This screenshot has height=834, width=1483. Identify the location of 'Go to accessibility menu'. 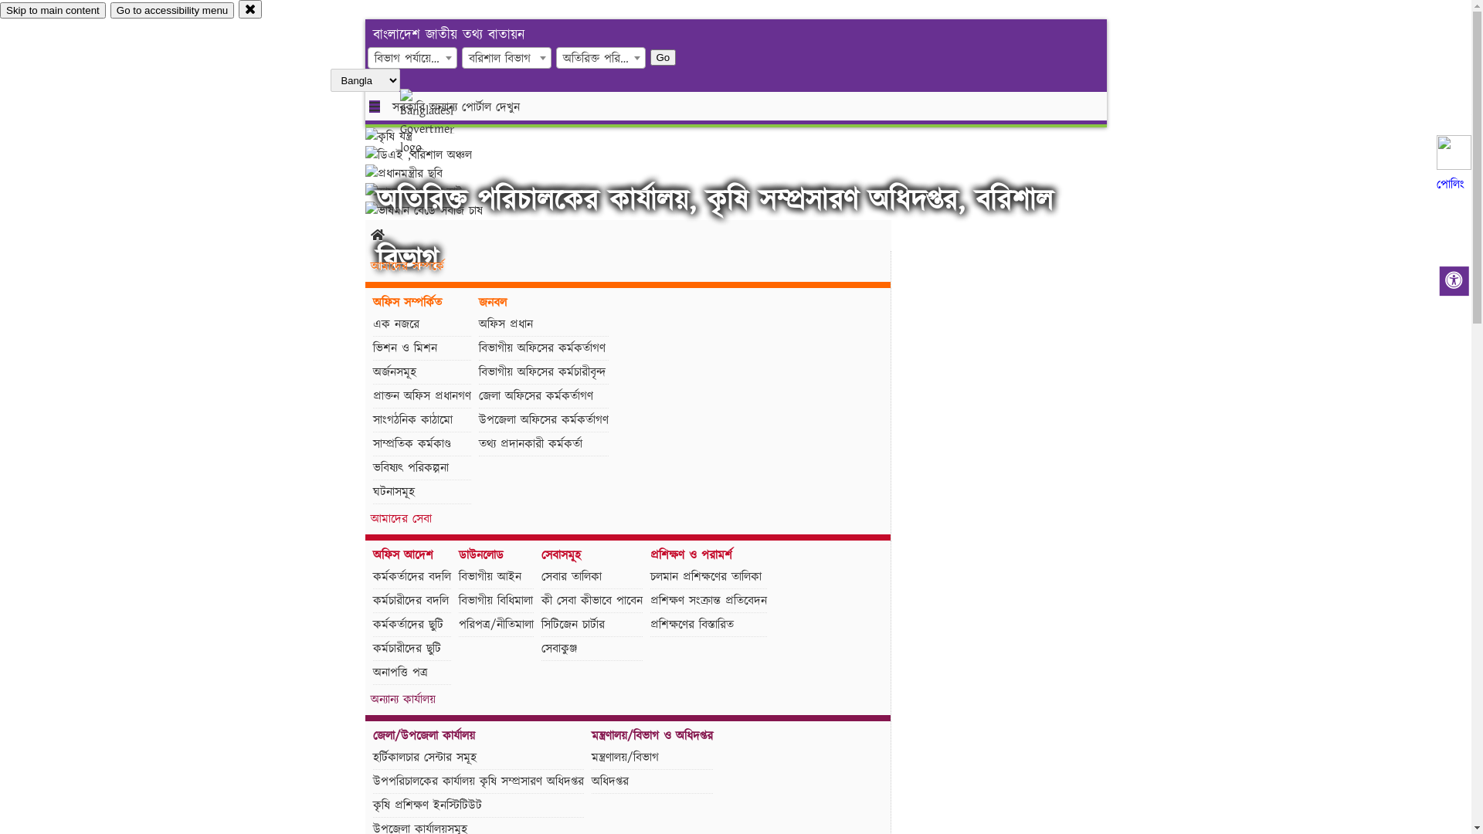
(171, 10).